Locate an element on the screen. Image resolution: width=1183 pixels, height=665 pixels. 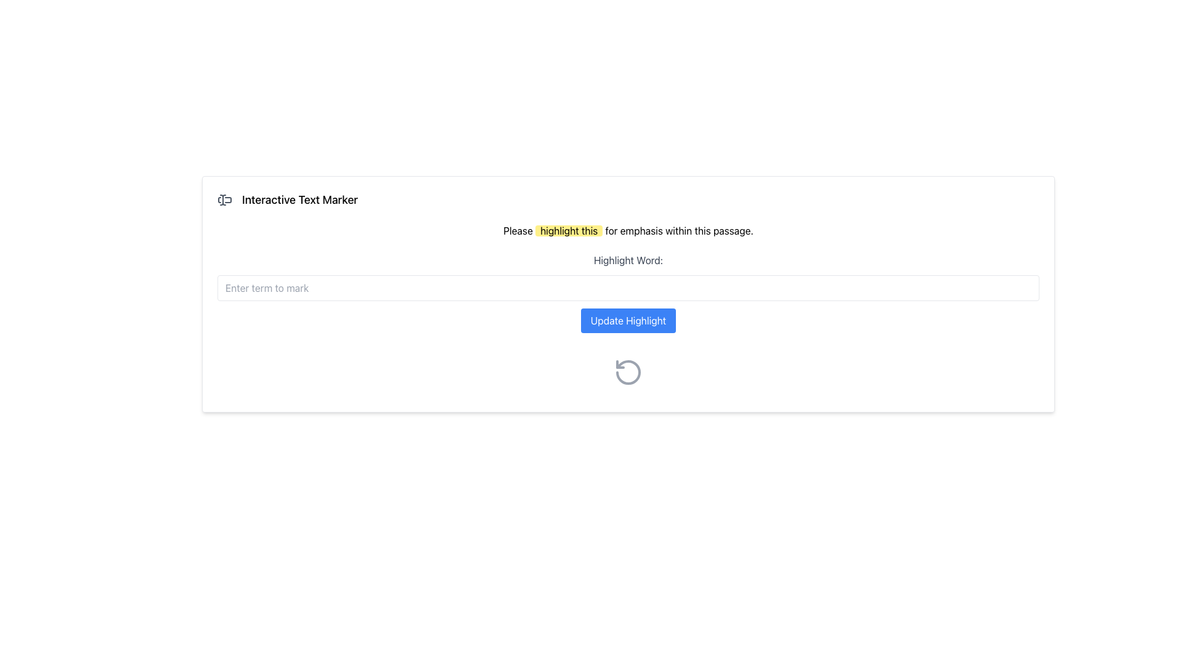
the emphasized text fragment 'highlight this' within the sentence 'Please highlight this for emphasis within this passage.' is located at coordinates (568, 230).